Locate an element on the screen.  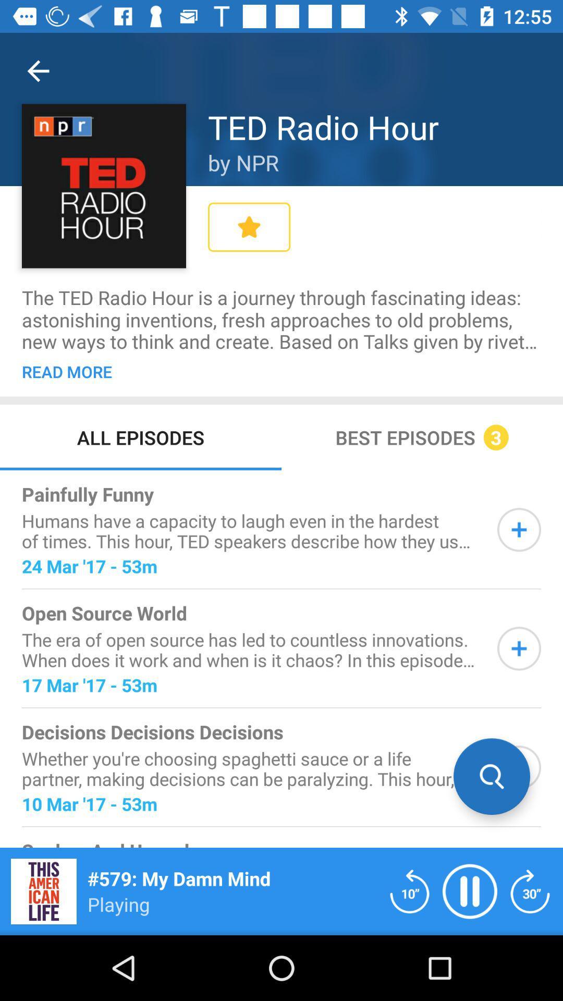
keyword search is located at coordinates (519, 767).